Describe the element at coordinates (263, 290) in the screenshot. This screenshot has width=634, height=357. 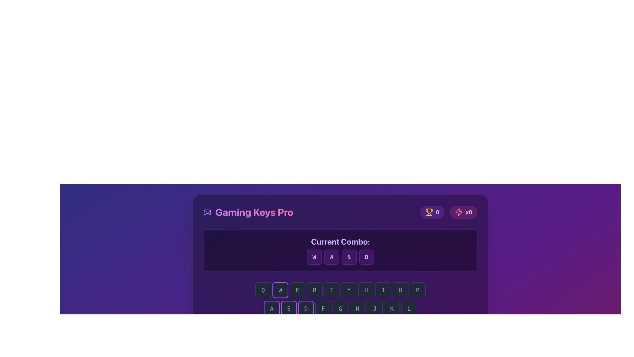
I see `the square-shaped button with a dark background and gray border, labeled 'Q', to change its state` at that location.